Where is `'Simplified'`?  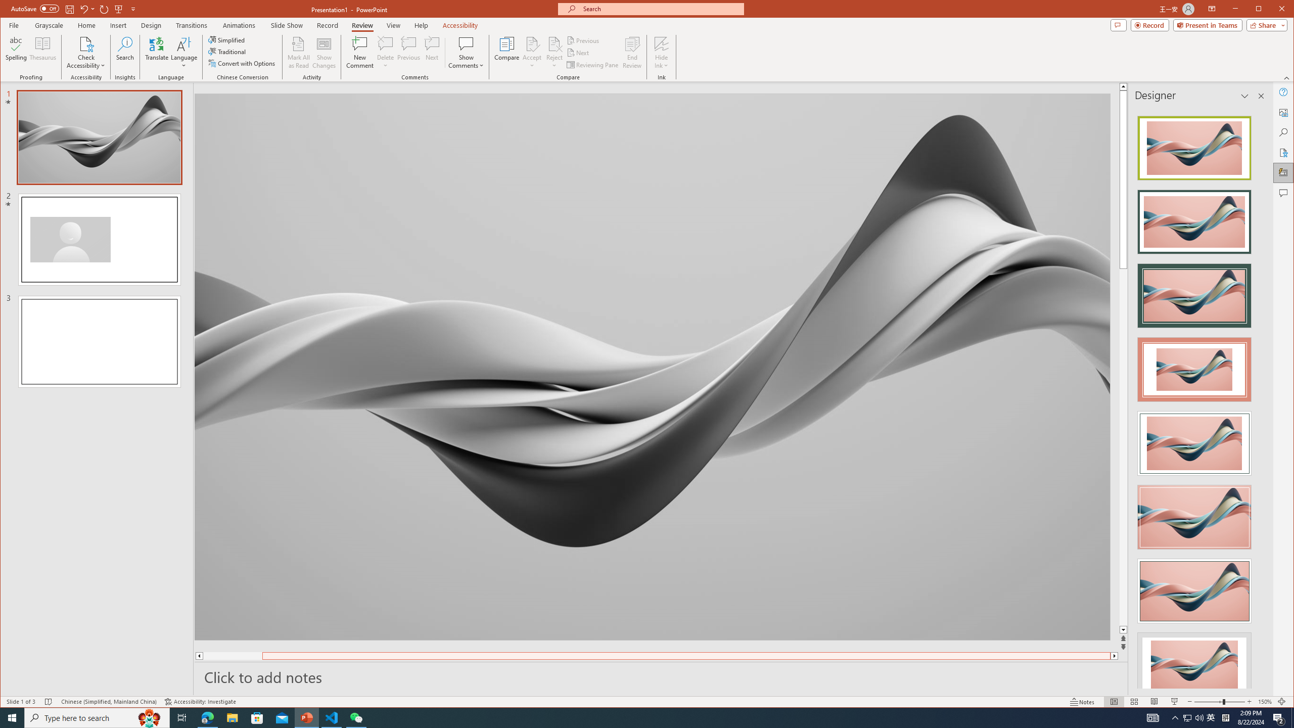 'Simplified' is located at coordinates (227, 39).